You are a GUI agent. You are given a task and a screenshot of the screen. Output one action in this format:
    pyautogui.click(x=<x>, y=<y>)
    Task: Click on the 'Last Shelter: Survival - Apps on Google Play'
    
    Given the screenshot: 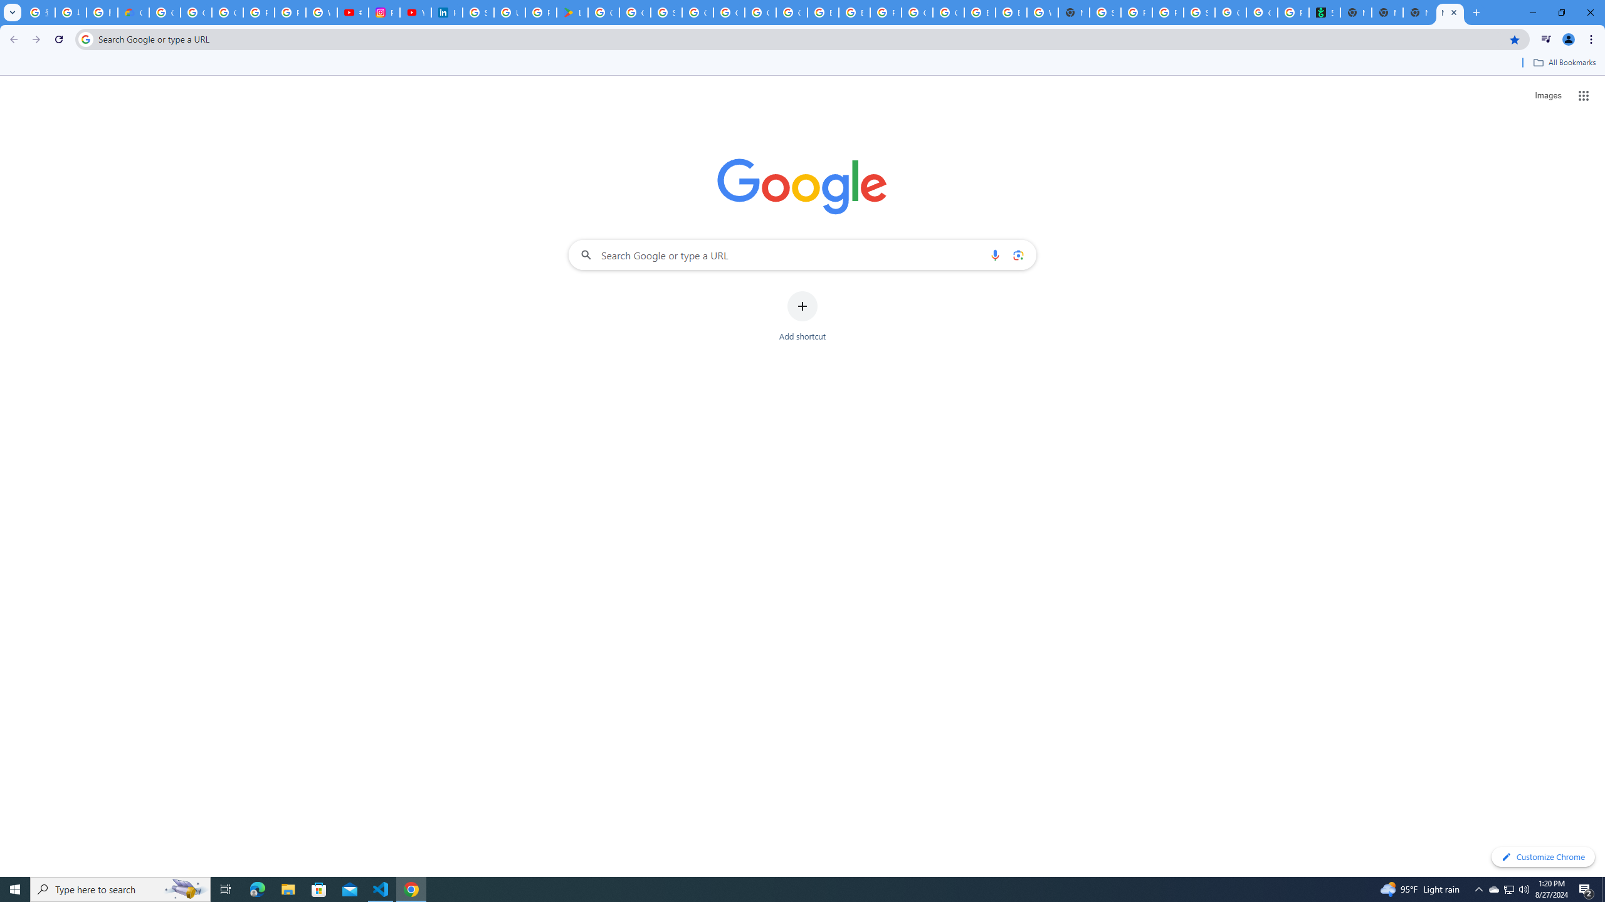 What is the action you would take?
    pyautogui.click(x=572, y=12)
    